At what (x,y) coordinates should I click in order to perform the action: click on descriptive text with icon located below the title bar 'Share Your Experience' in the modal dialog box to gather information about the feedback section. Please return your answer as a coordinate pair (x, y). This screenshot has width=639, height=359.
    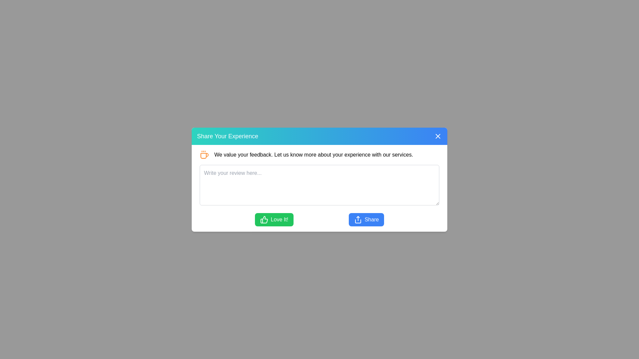
    Looking at the image, I should click on (319, 155).